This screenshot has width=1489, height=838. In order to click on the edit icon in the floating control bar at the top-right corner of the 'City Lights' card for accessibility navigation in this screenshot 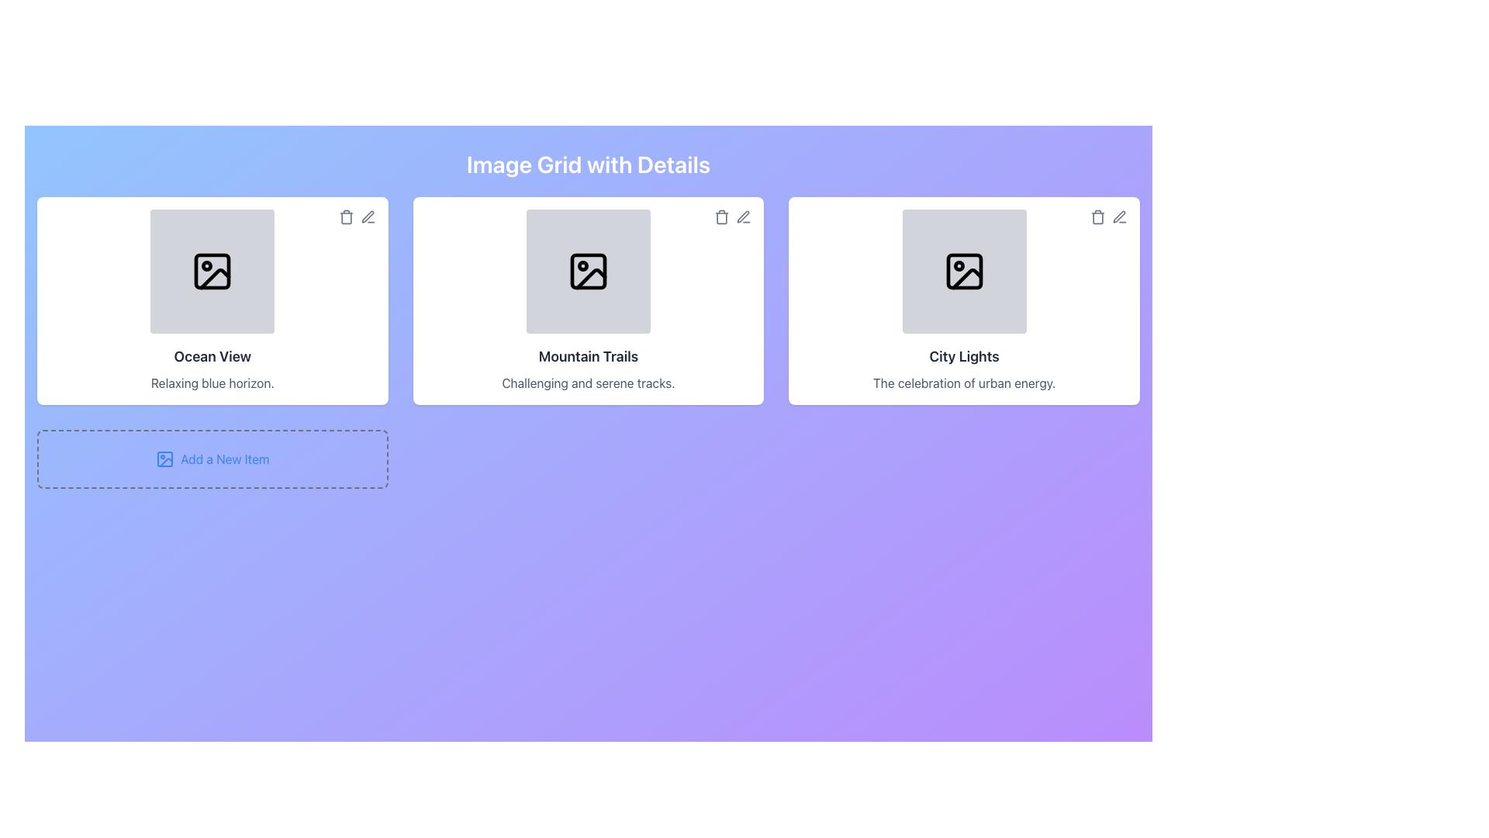, I will do `click(1120, 217)`.